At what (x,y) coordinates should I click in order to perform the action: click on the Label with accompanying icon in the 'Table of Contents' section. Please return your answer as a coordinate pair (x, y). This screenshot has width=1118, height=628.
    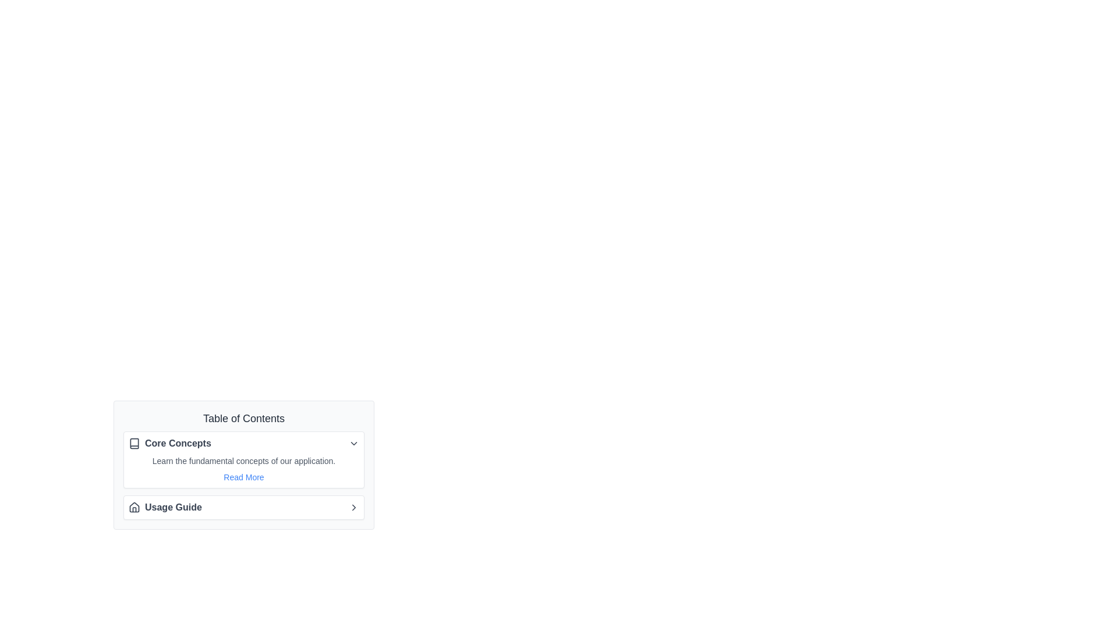
    Looking at the image, I should click on (169, 444).